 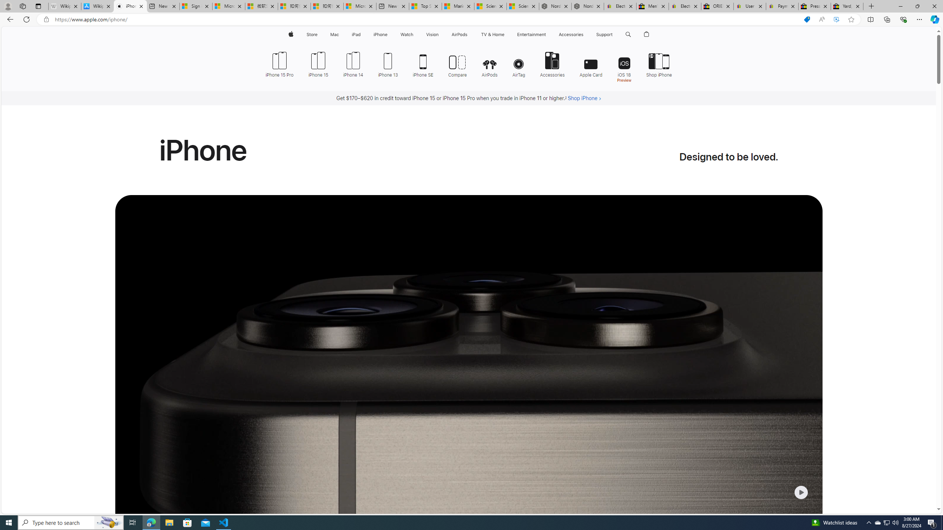 What do you see at coordinates (423, 63) in the screenshot?
I see `'iPhone SE'` at bounding box center [423, 63].